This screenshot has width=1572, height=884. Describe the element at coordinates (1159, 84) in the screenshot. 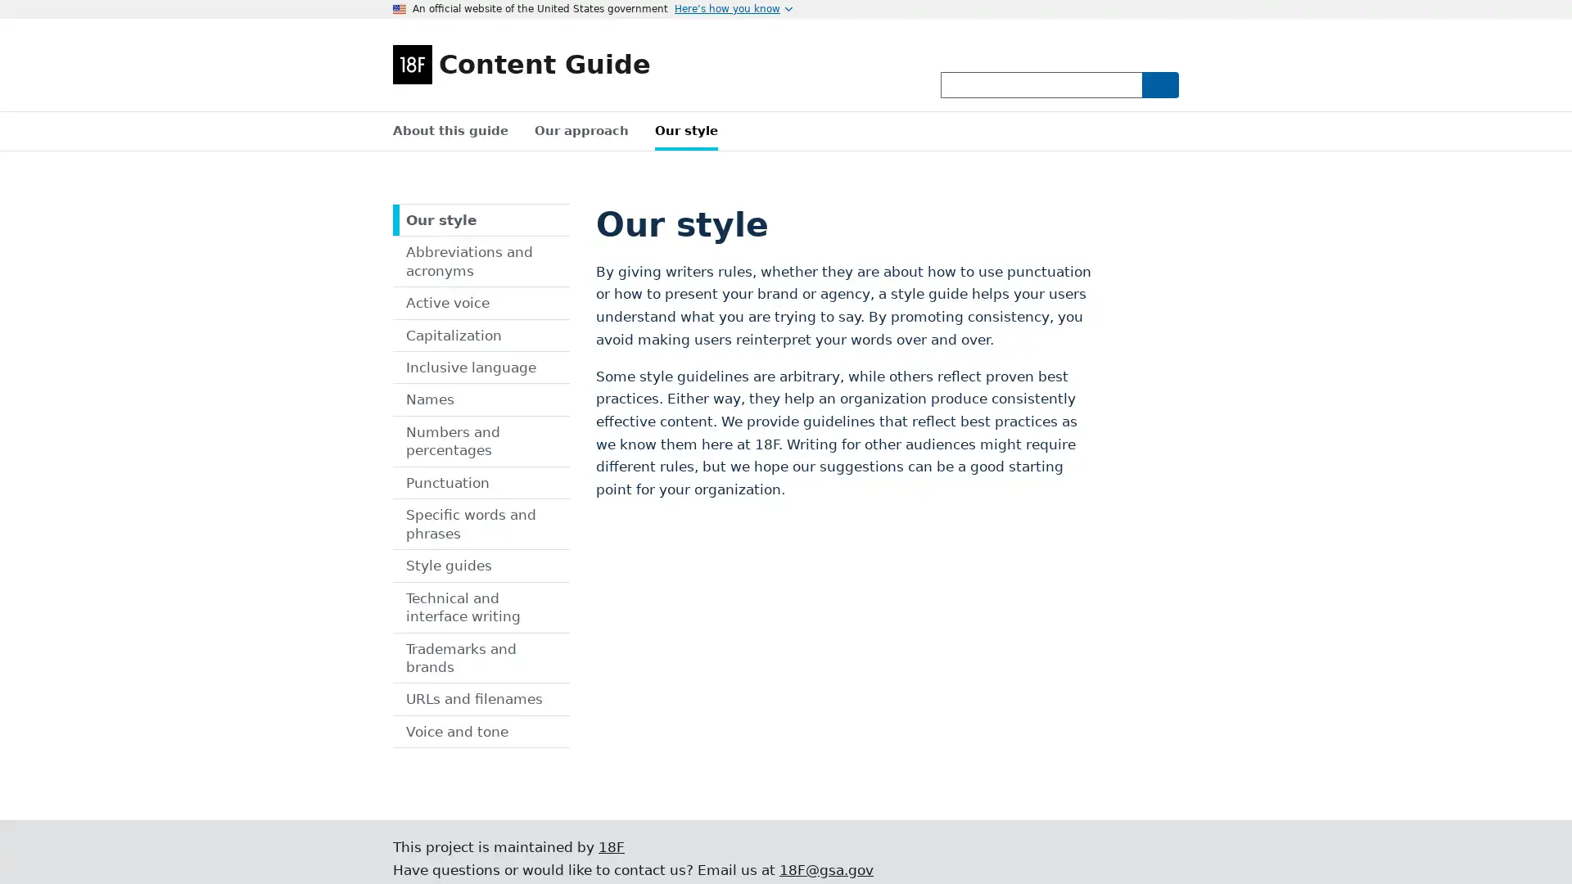

I see `Search` at that location.